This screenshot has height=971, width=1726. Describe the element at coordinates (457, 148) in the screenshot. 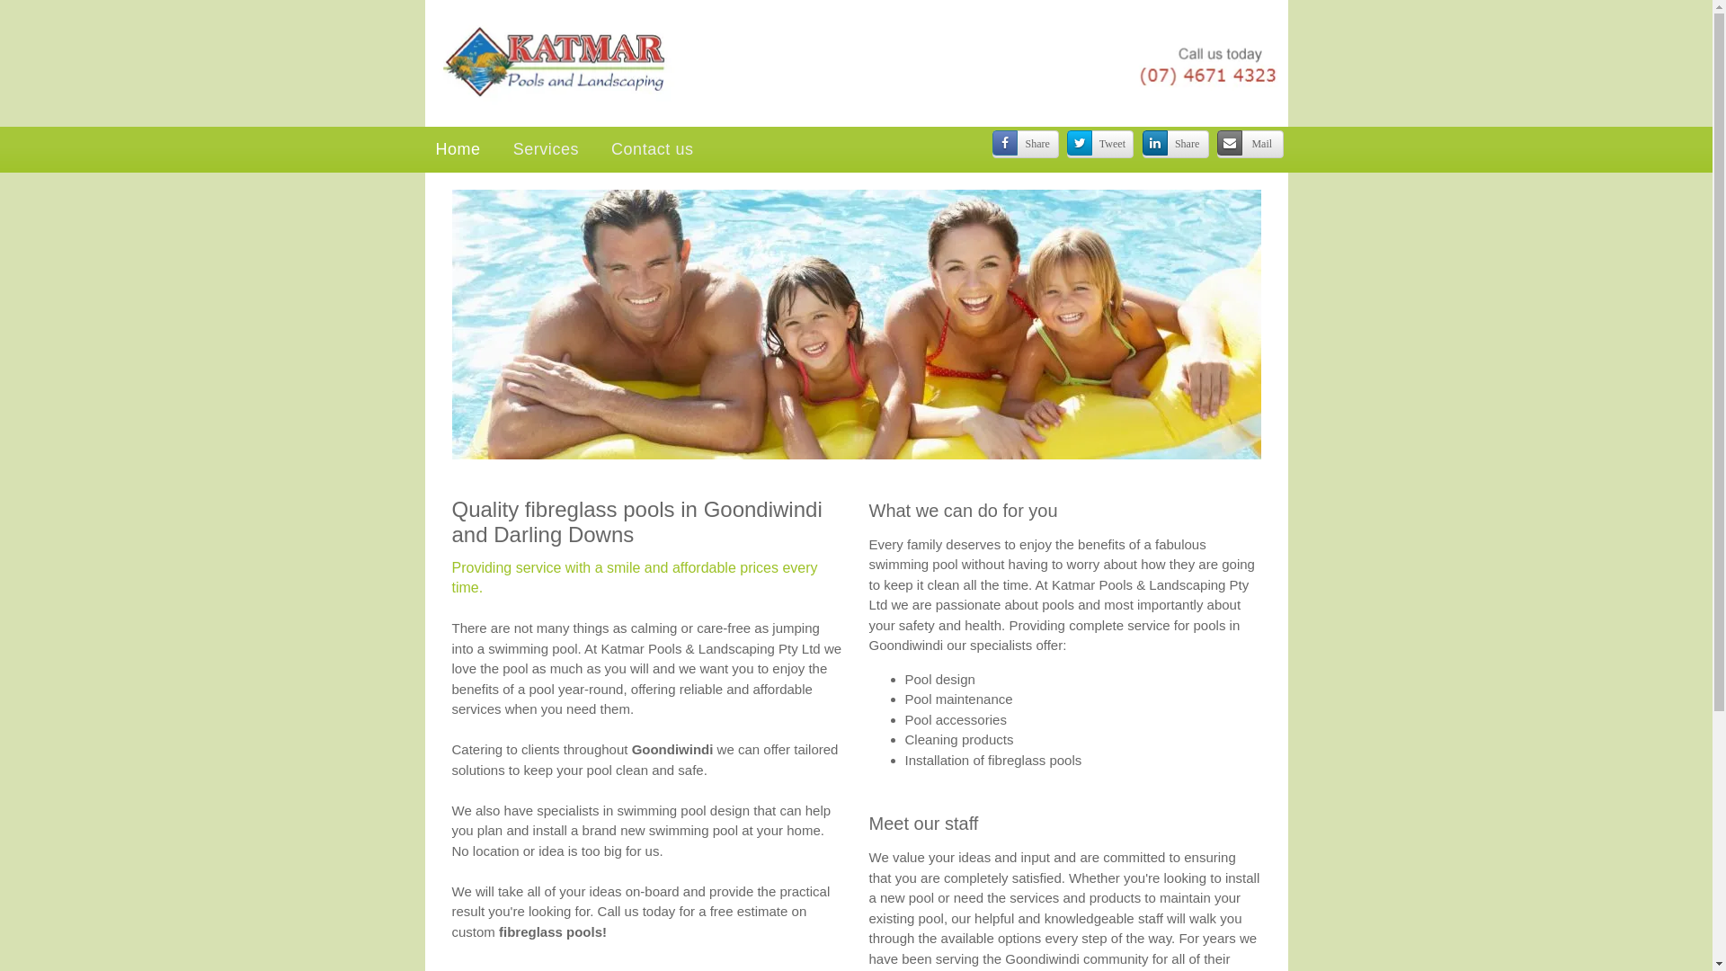

I see `'Home'` at that location.